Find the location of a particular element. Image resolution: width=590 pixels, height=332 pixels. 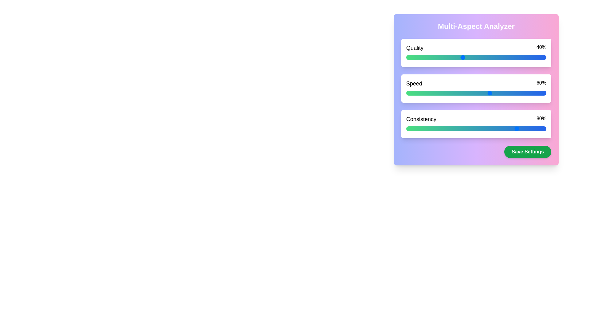

the static text label displaying '80%' that is aligned to the right of the 'Consistency' label, located at the bottom section of the form is located at coordinates (541, 119).